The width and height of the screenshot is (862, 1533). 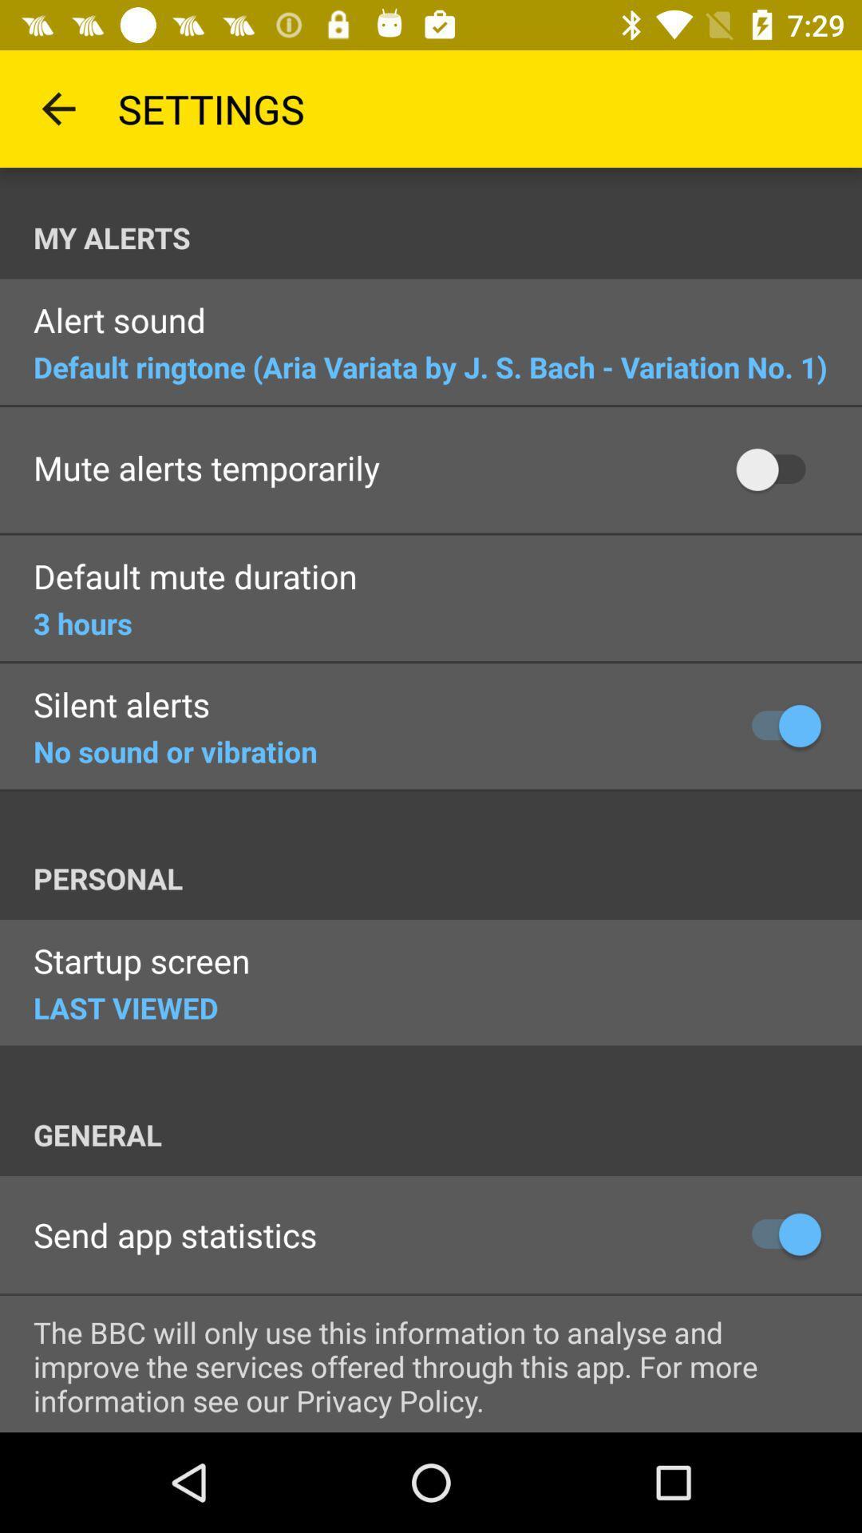 What do you see at coordinates (206, 469) in the screenshot?
I see `the item below the default ringtone aria` at bounding box center [206, 469].